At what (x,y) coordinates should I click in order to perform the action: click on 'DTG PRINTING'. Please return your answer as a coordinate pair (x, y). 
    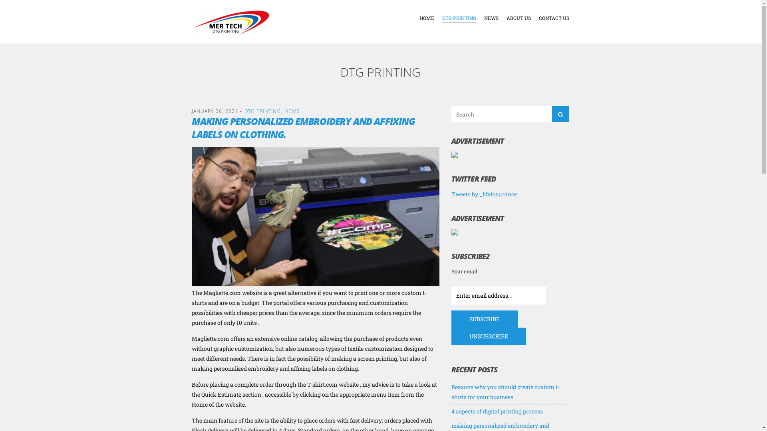
    Looking at the image, I should click on (244, 111).